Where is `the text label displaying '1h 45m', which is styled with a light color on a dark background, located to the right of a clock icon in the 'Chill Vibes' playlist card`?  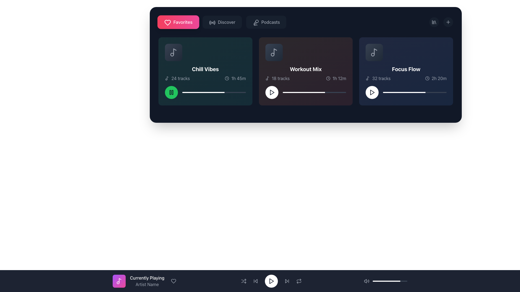
the text label displaying '1h 45m', which is styled with a light color on a dark background, located to the right of a clock icon in the 'Chill Vibes' playlist card is located at coordinates (238, 78).